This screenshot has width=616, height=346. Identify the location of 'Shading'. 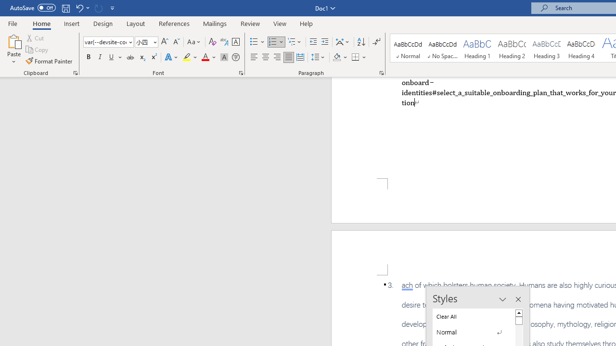
(340, 57).